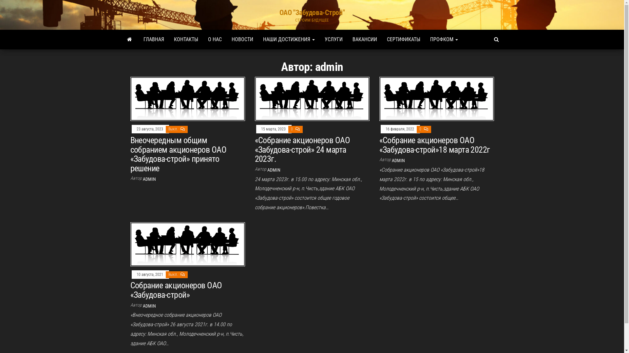 Image resolution: width=629 pixels, height=353 pixels. Describe the element at coordinates (274, 170) in the screenshot. I see `'ADMIN'` at that location.